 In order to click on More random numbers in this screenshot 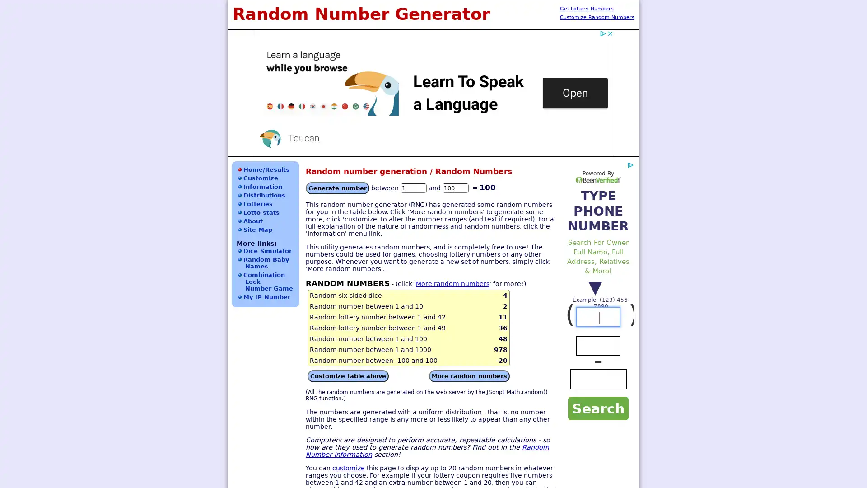, I will do `click(469, 375)`.